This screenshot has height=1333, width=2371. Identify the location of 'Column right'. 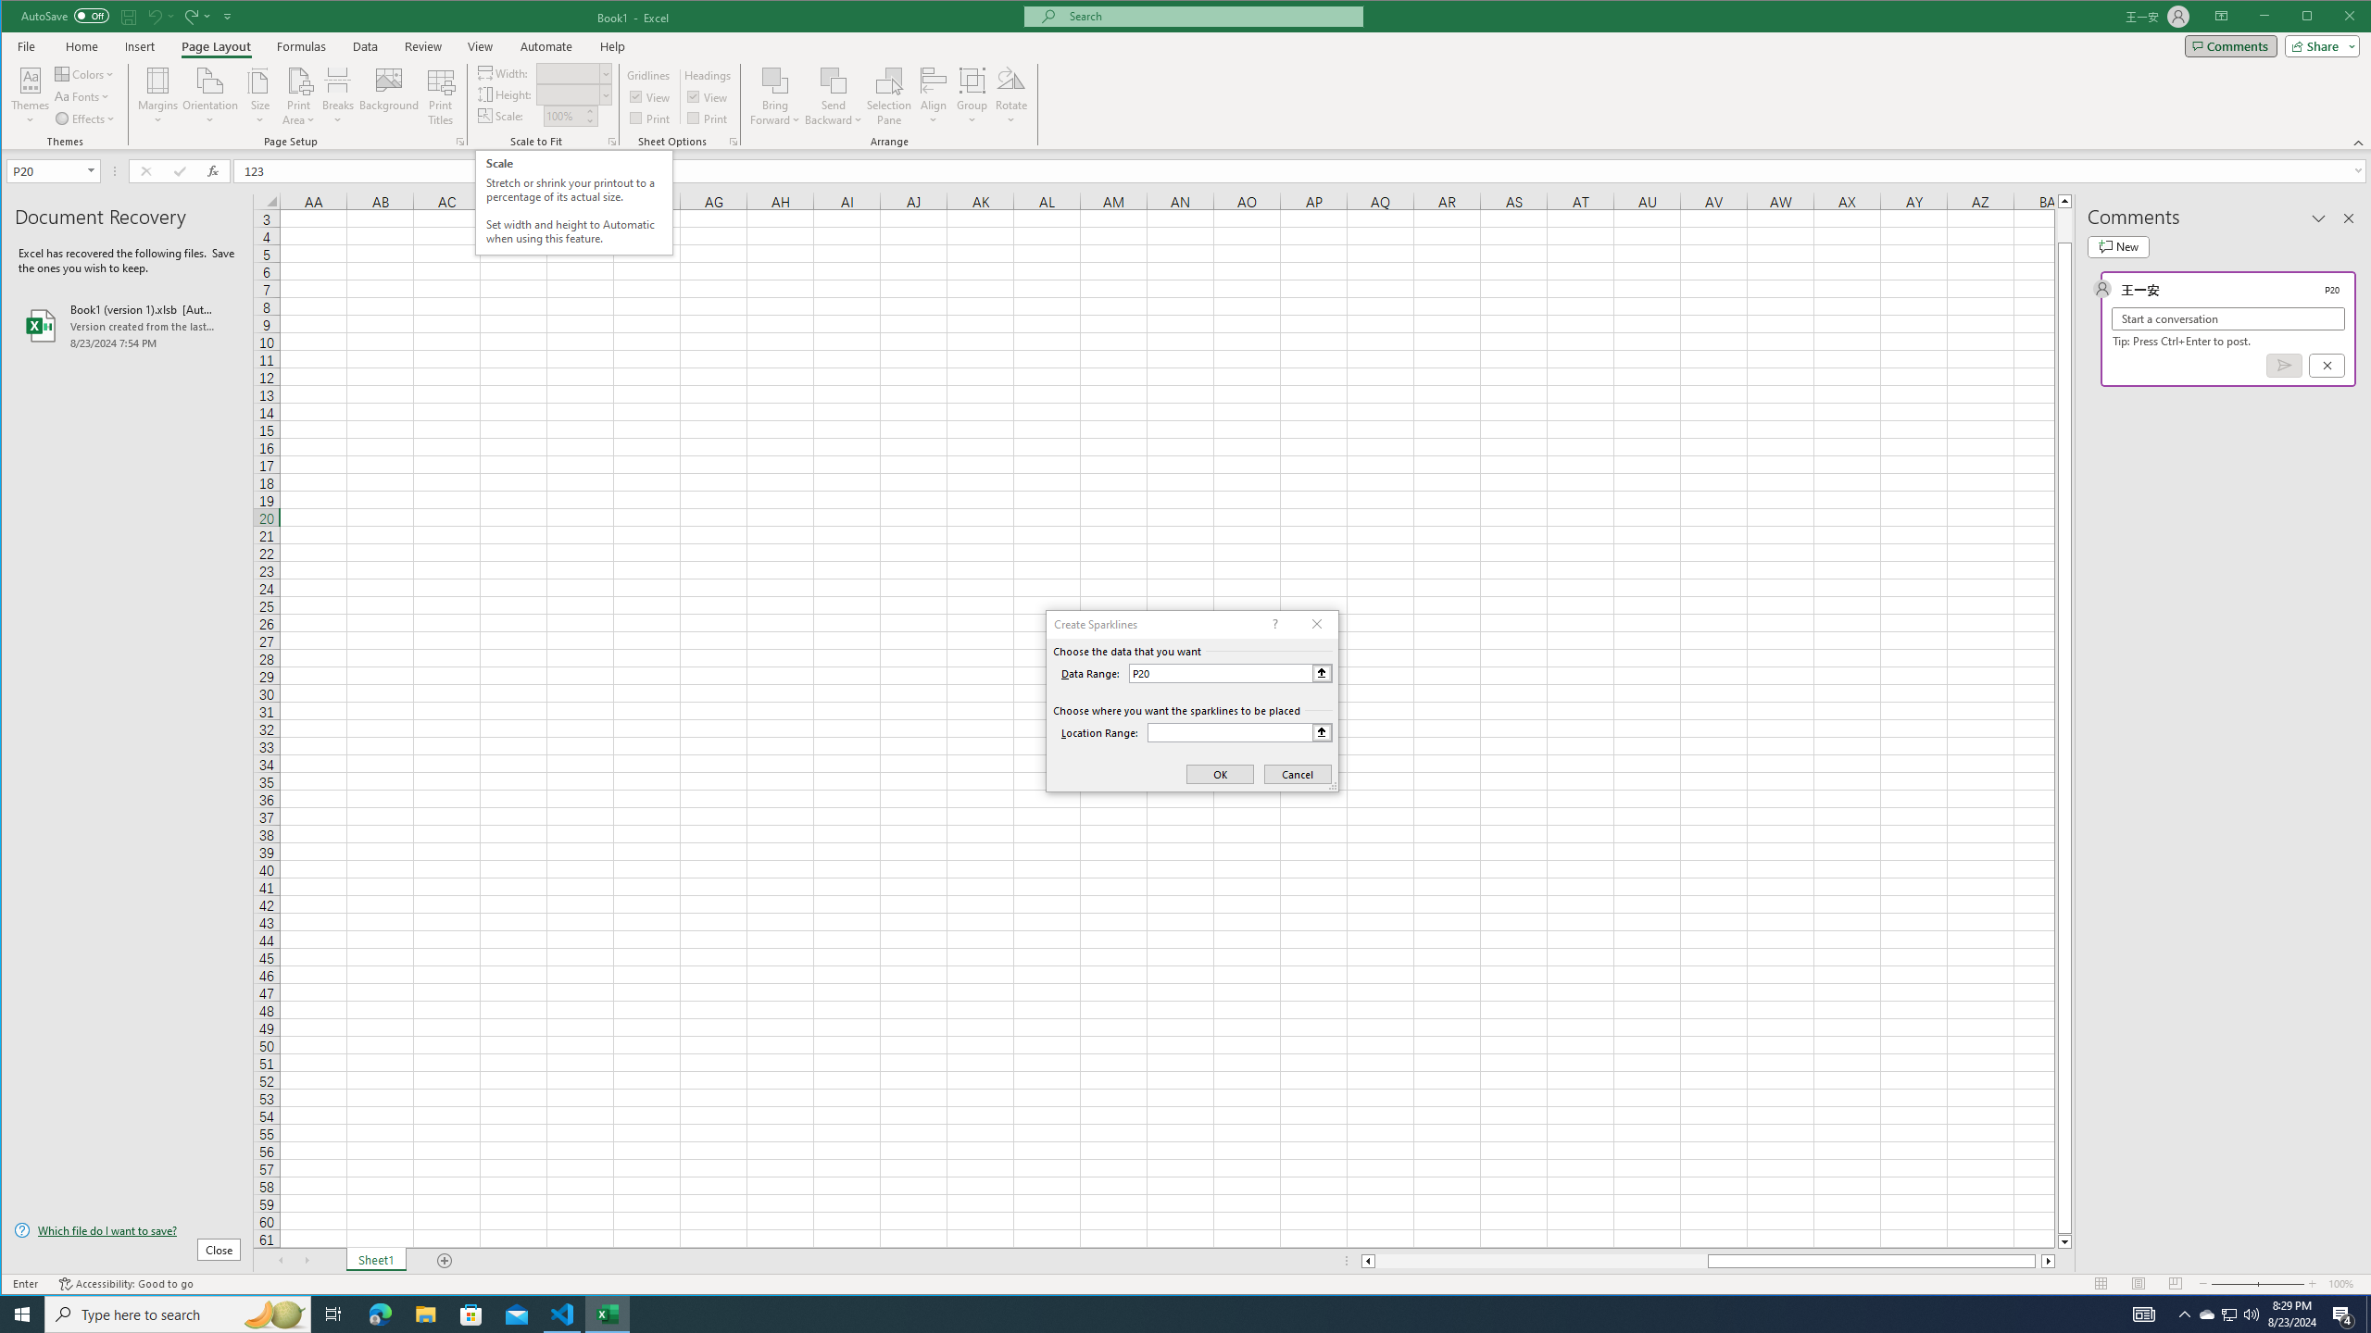
(2050, 1261).